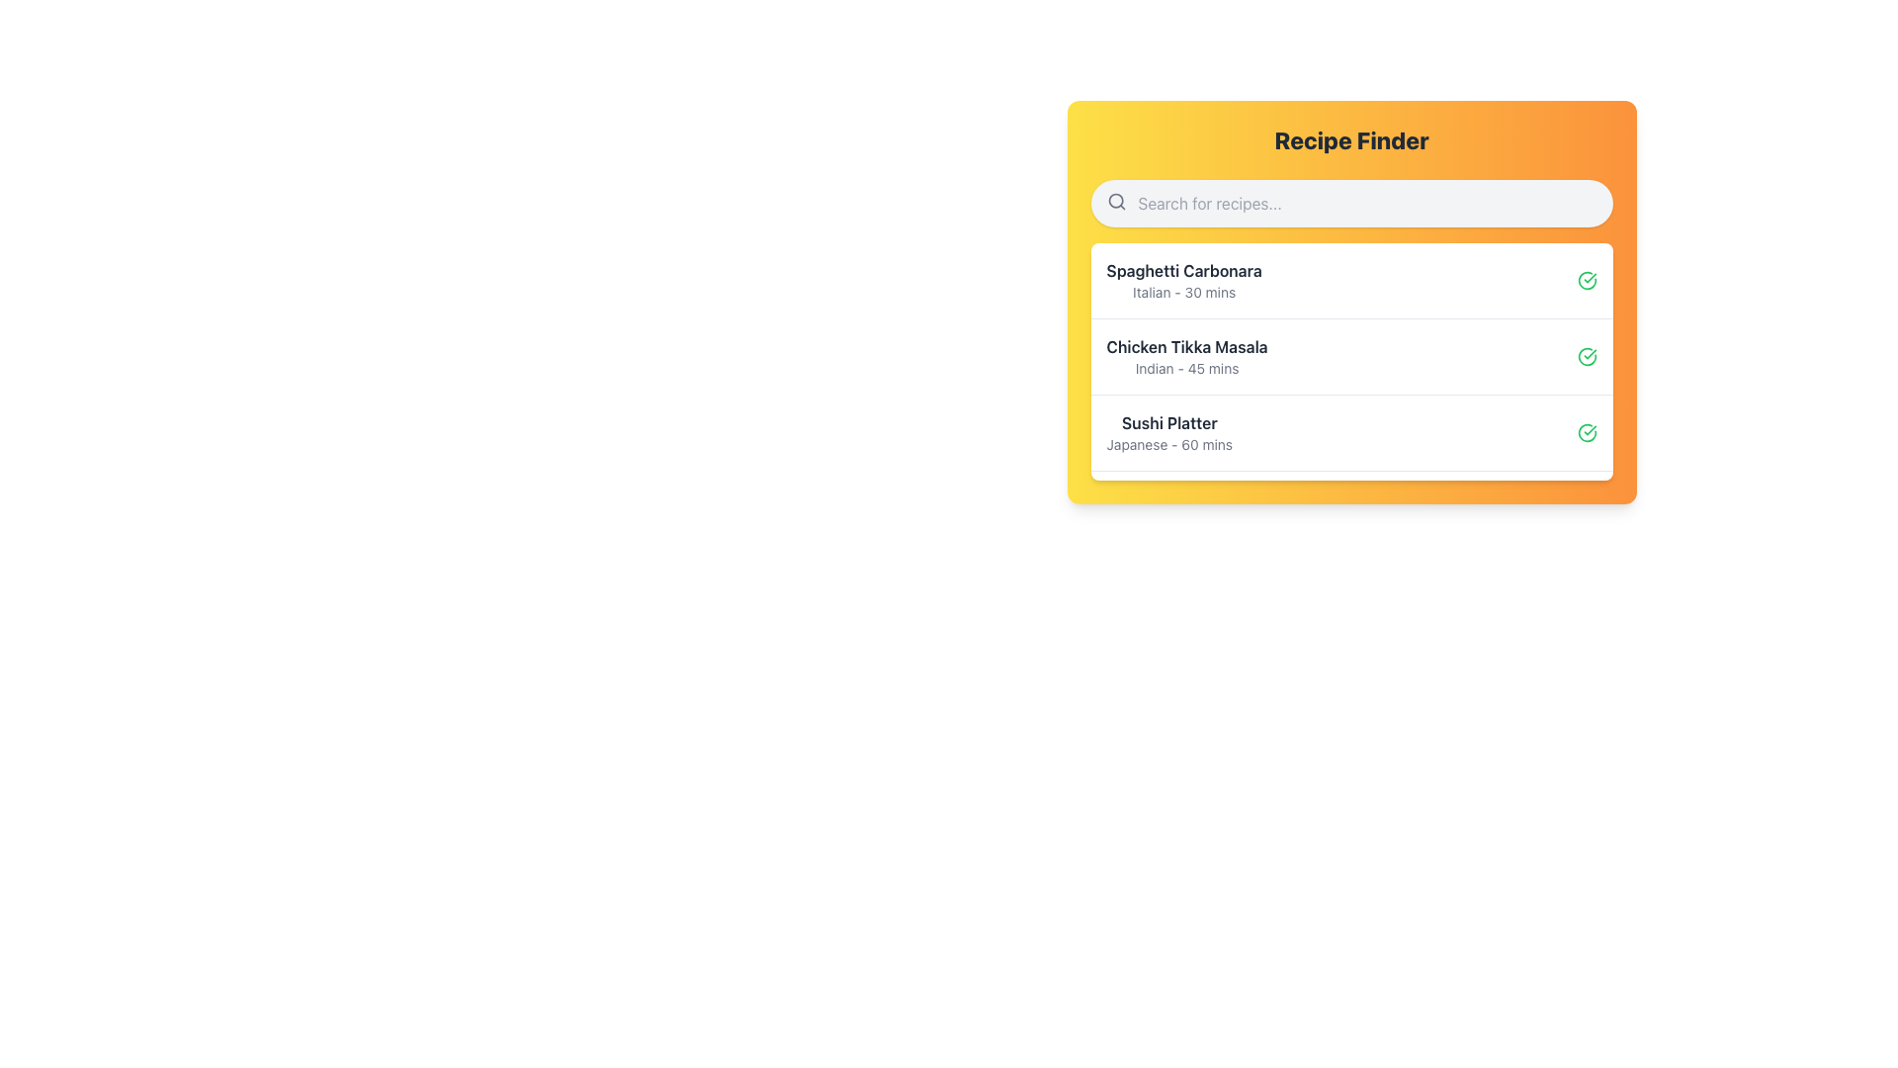 This screenshot has width=1898, height=1068. I want to click on to select or view more details about the topmost recipe entry in the vertical list, located just below the search bar, so click(1184, 281).